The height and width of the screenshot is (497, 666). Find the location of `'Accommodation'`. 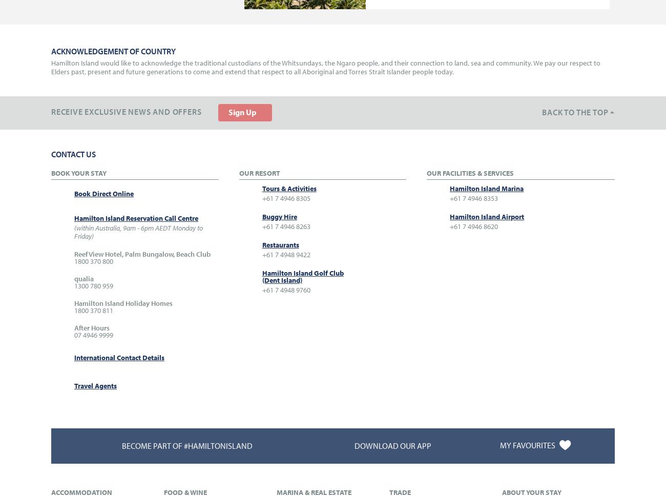

'Accommodation' is located at coordinates (81, 491).